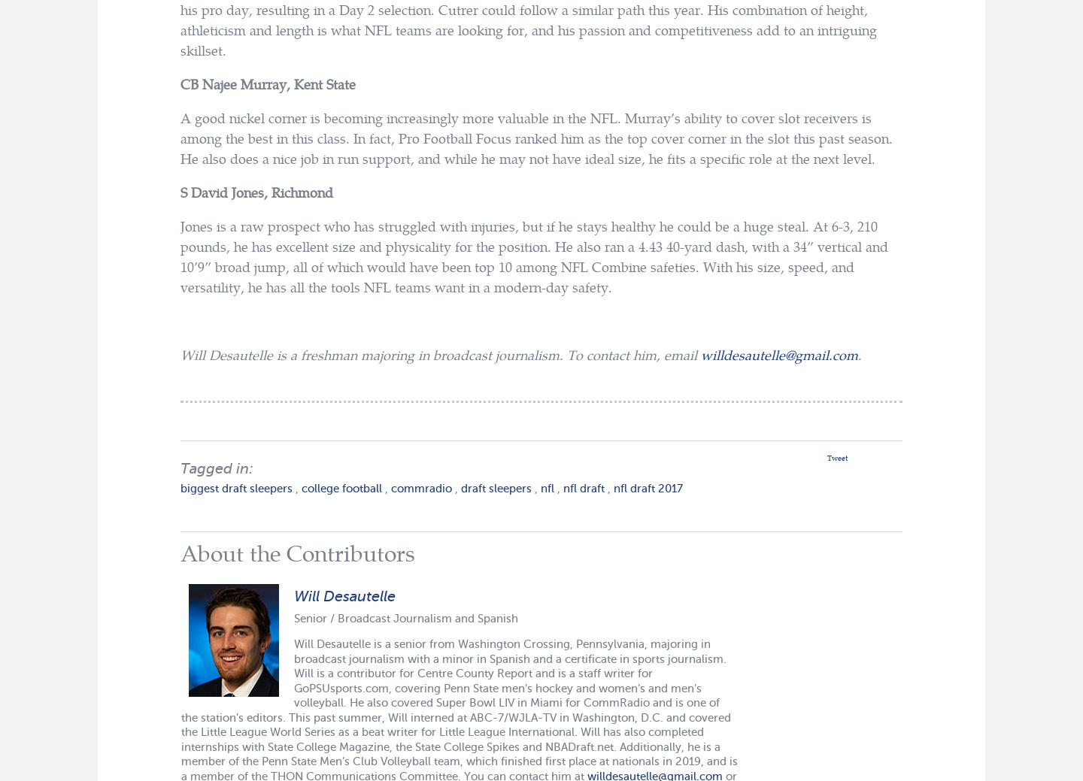  I want to click on 'college football', so click(341, 488).